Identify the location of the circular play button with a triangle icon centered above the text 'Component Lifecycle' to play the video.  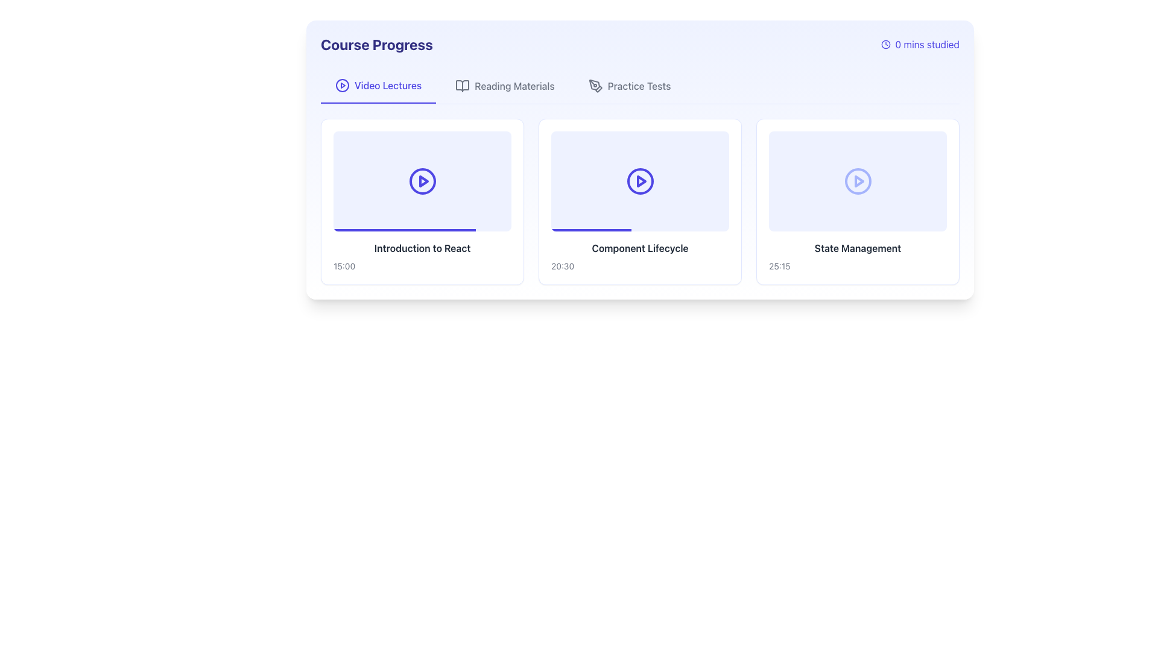
(639, 181).